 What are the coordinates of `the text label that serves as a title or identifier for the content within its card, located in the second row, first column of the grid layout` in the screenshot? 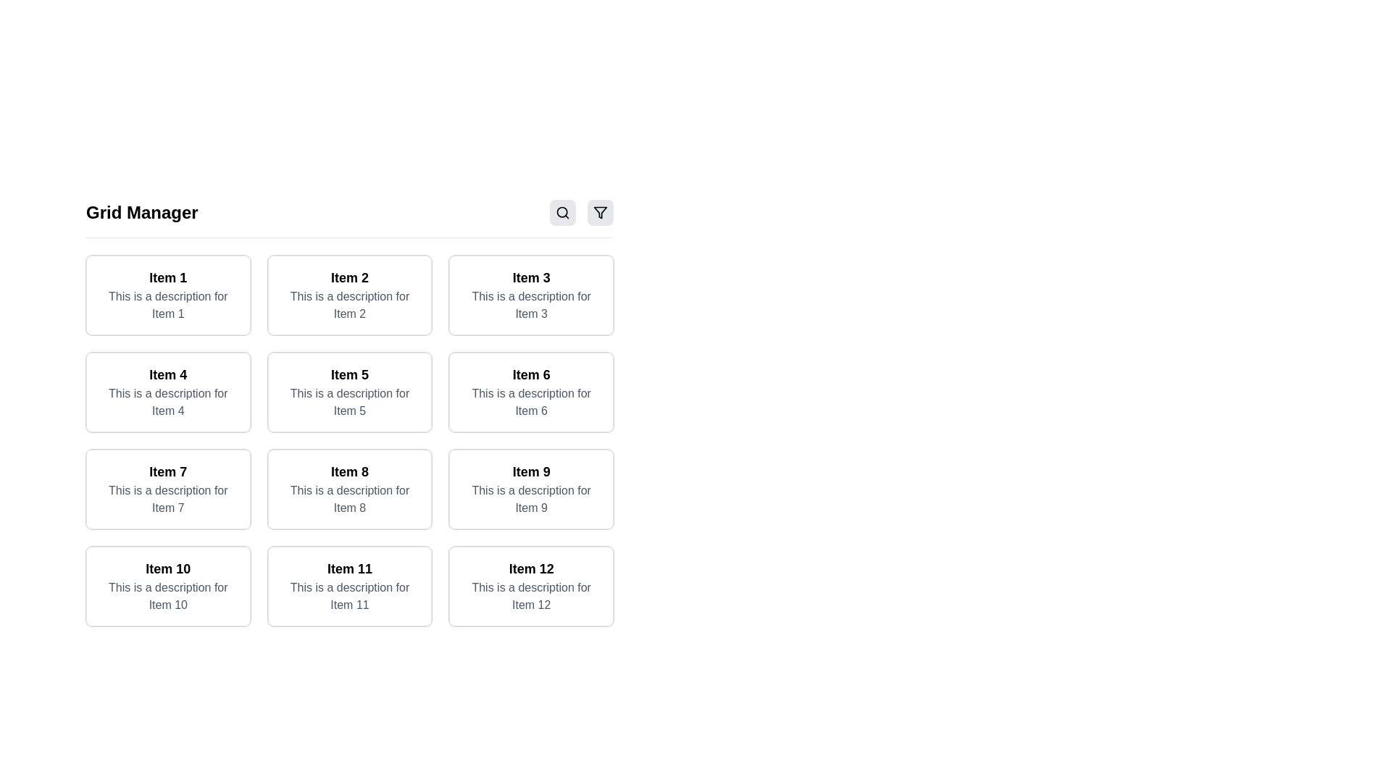 It's located at (168, 374).